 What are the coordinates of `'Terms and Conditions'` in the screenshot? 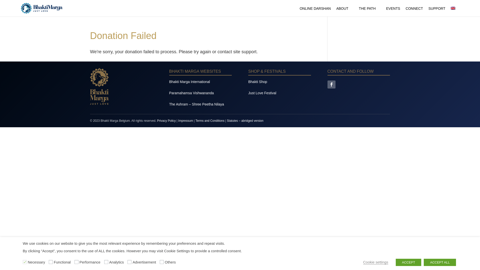 It's located at (210, 120).